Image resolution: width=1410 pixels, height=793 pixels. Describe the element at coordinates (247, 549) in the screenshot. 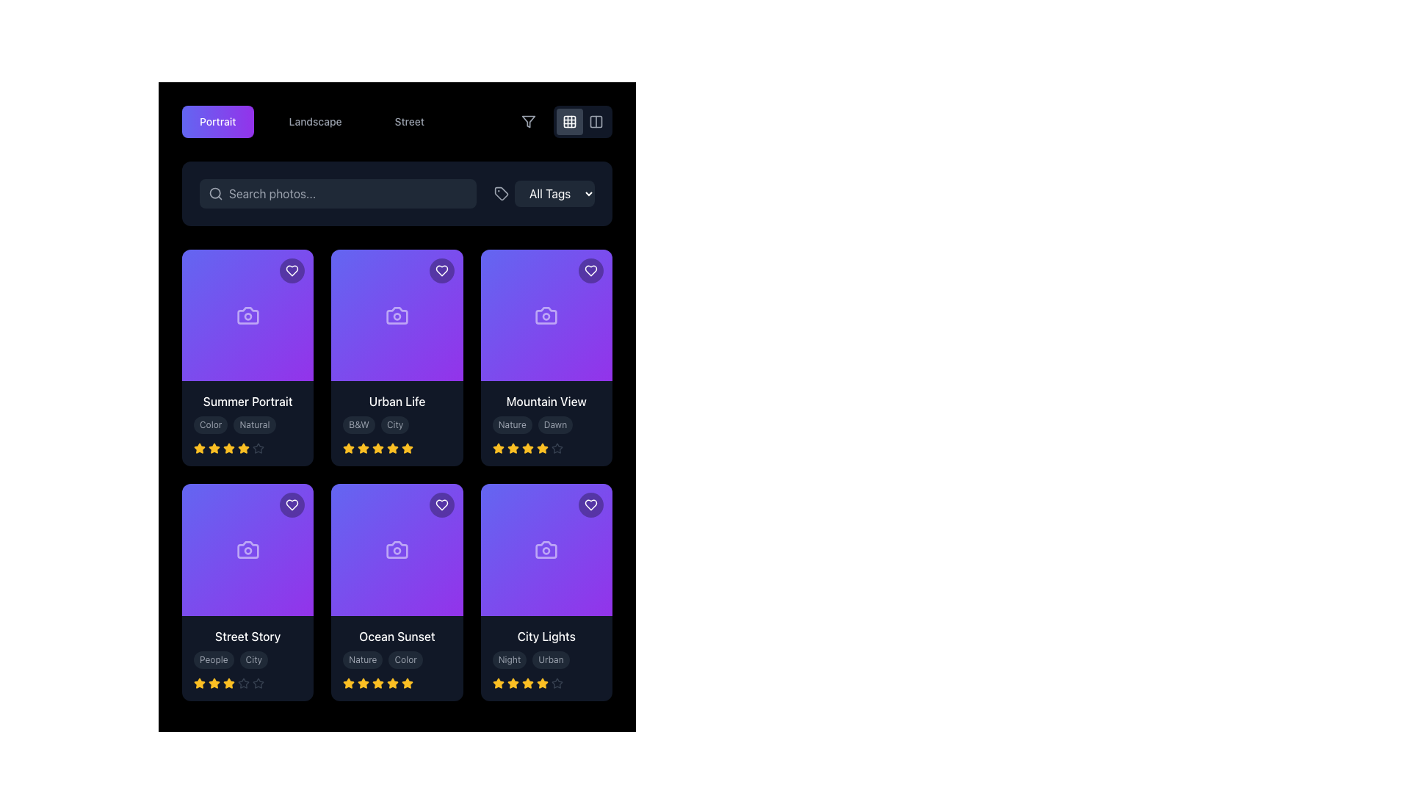

I see `the photo-related icon located in the center of the 'Street Story' card on a purple background at the bottom-left of the grid layout` at that location.